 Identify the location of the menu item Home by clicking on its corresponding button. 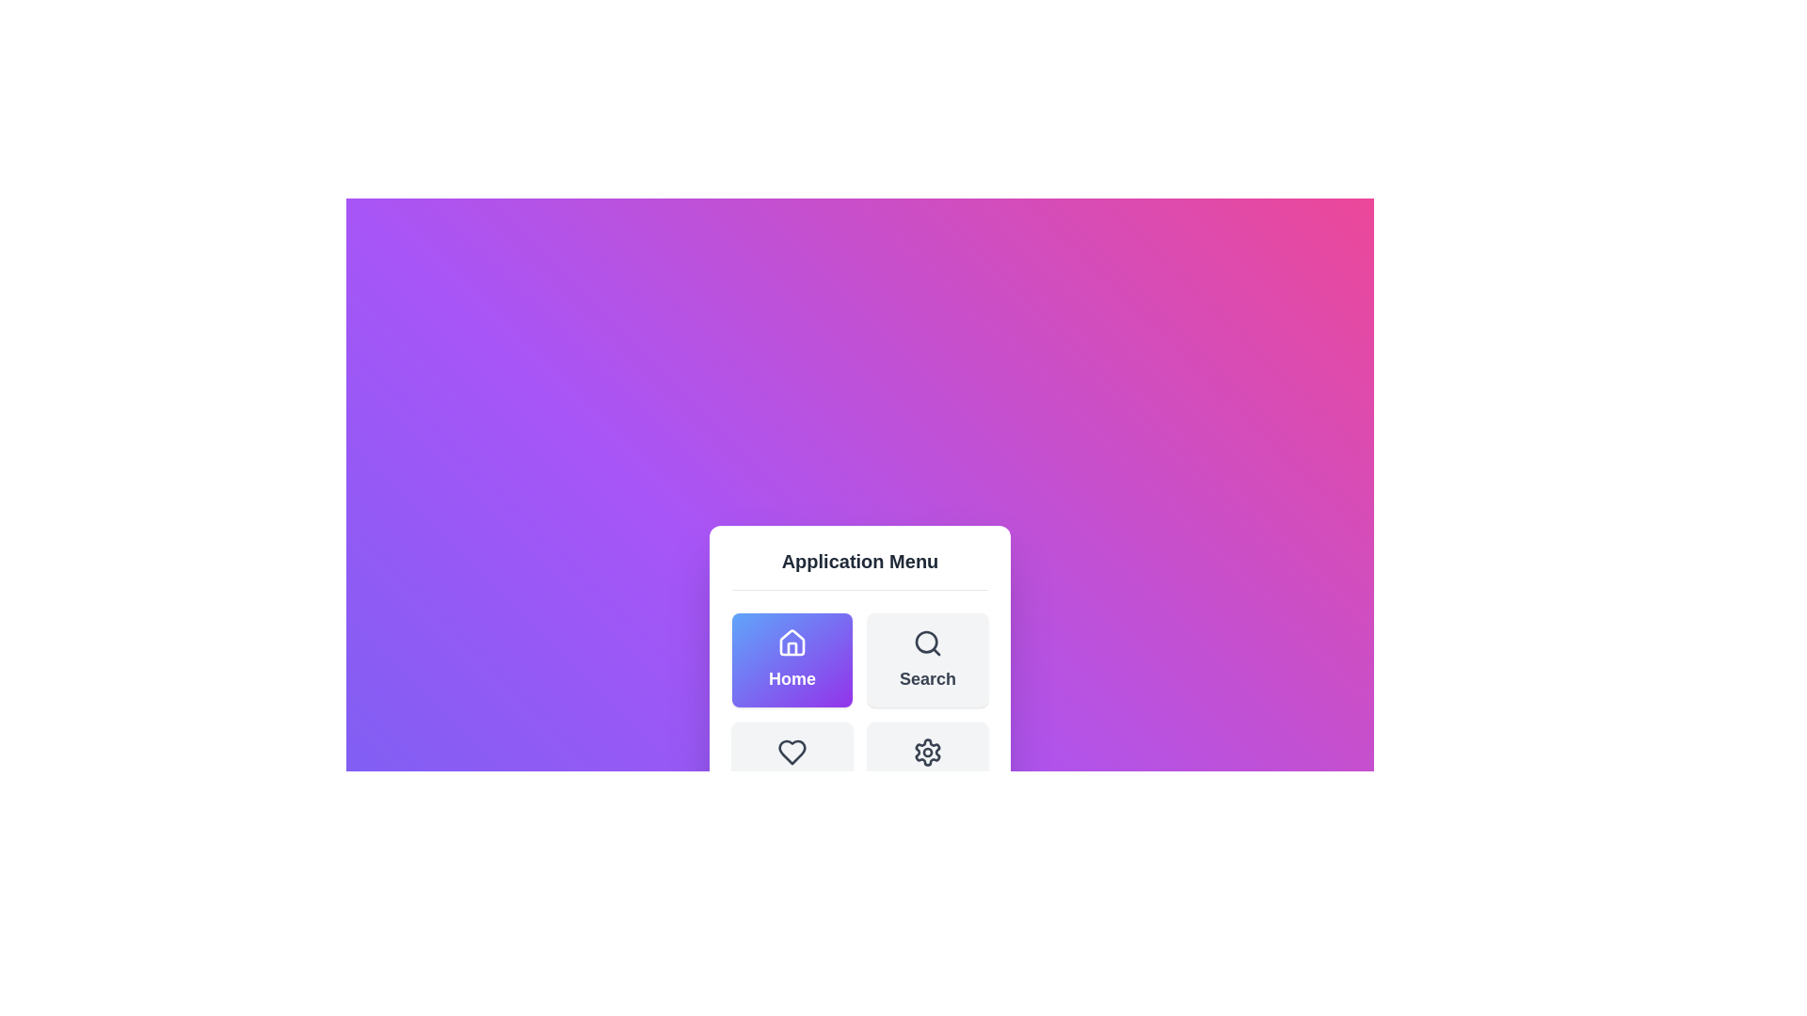
(792, 659).